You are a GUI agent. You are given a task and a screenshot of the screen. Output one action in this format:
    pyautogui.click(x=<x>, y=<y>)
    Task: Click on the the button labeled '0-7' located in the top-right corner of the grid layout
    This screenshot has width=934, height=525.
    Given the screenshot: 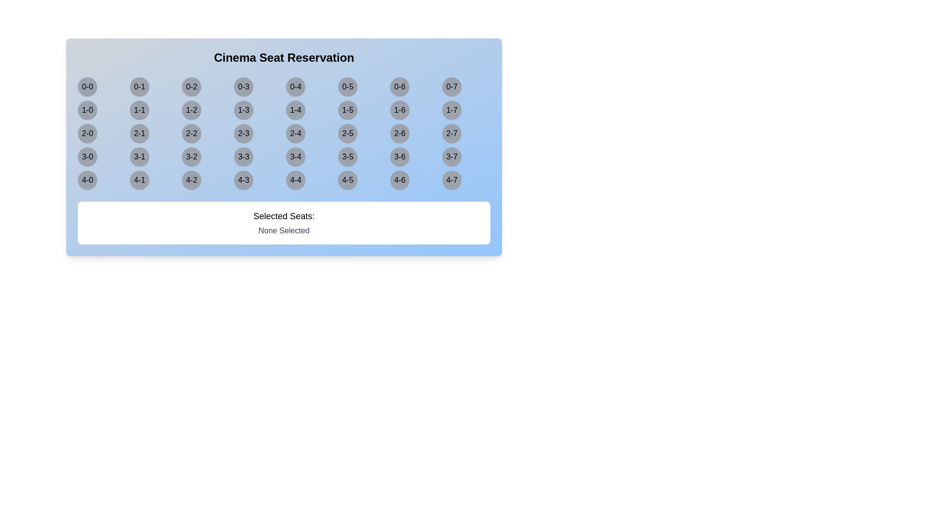 What is the action you would take?
    pyautogui.click(x=451, y=86)
    